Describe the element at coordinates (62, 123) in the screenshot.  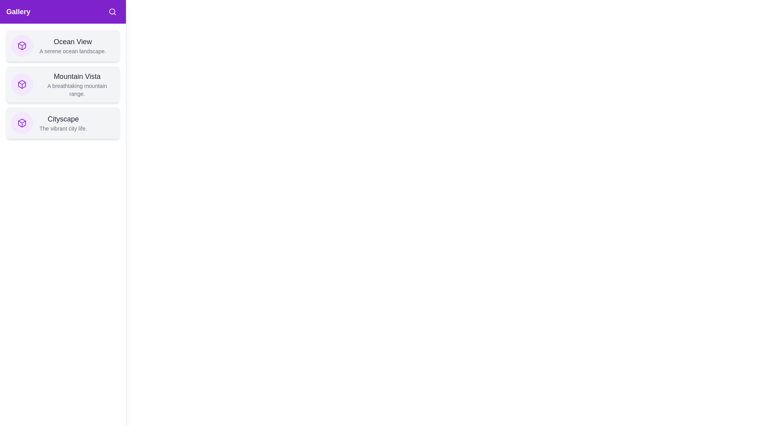
I see `the gallery item titled Cityscape` at that location.